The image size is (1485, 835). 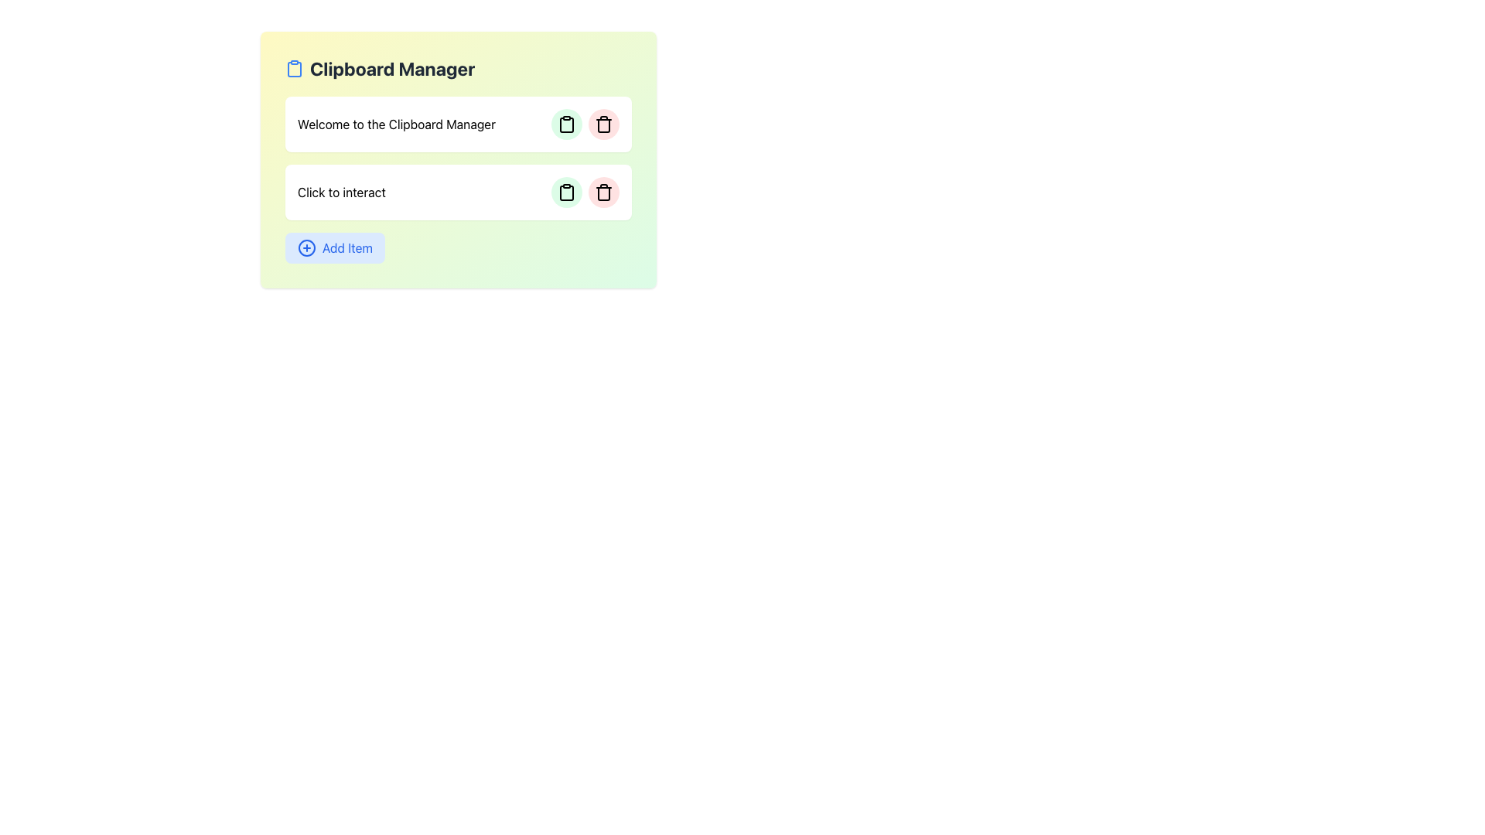 What do you see at coordinates (307, 247) in the screenshot?
I see `the SVG-based icon within the 'Add Item' button, located on the leftmost side of the button, next to the text label` at bounding box center [307, 247].